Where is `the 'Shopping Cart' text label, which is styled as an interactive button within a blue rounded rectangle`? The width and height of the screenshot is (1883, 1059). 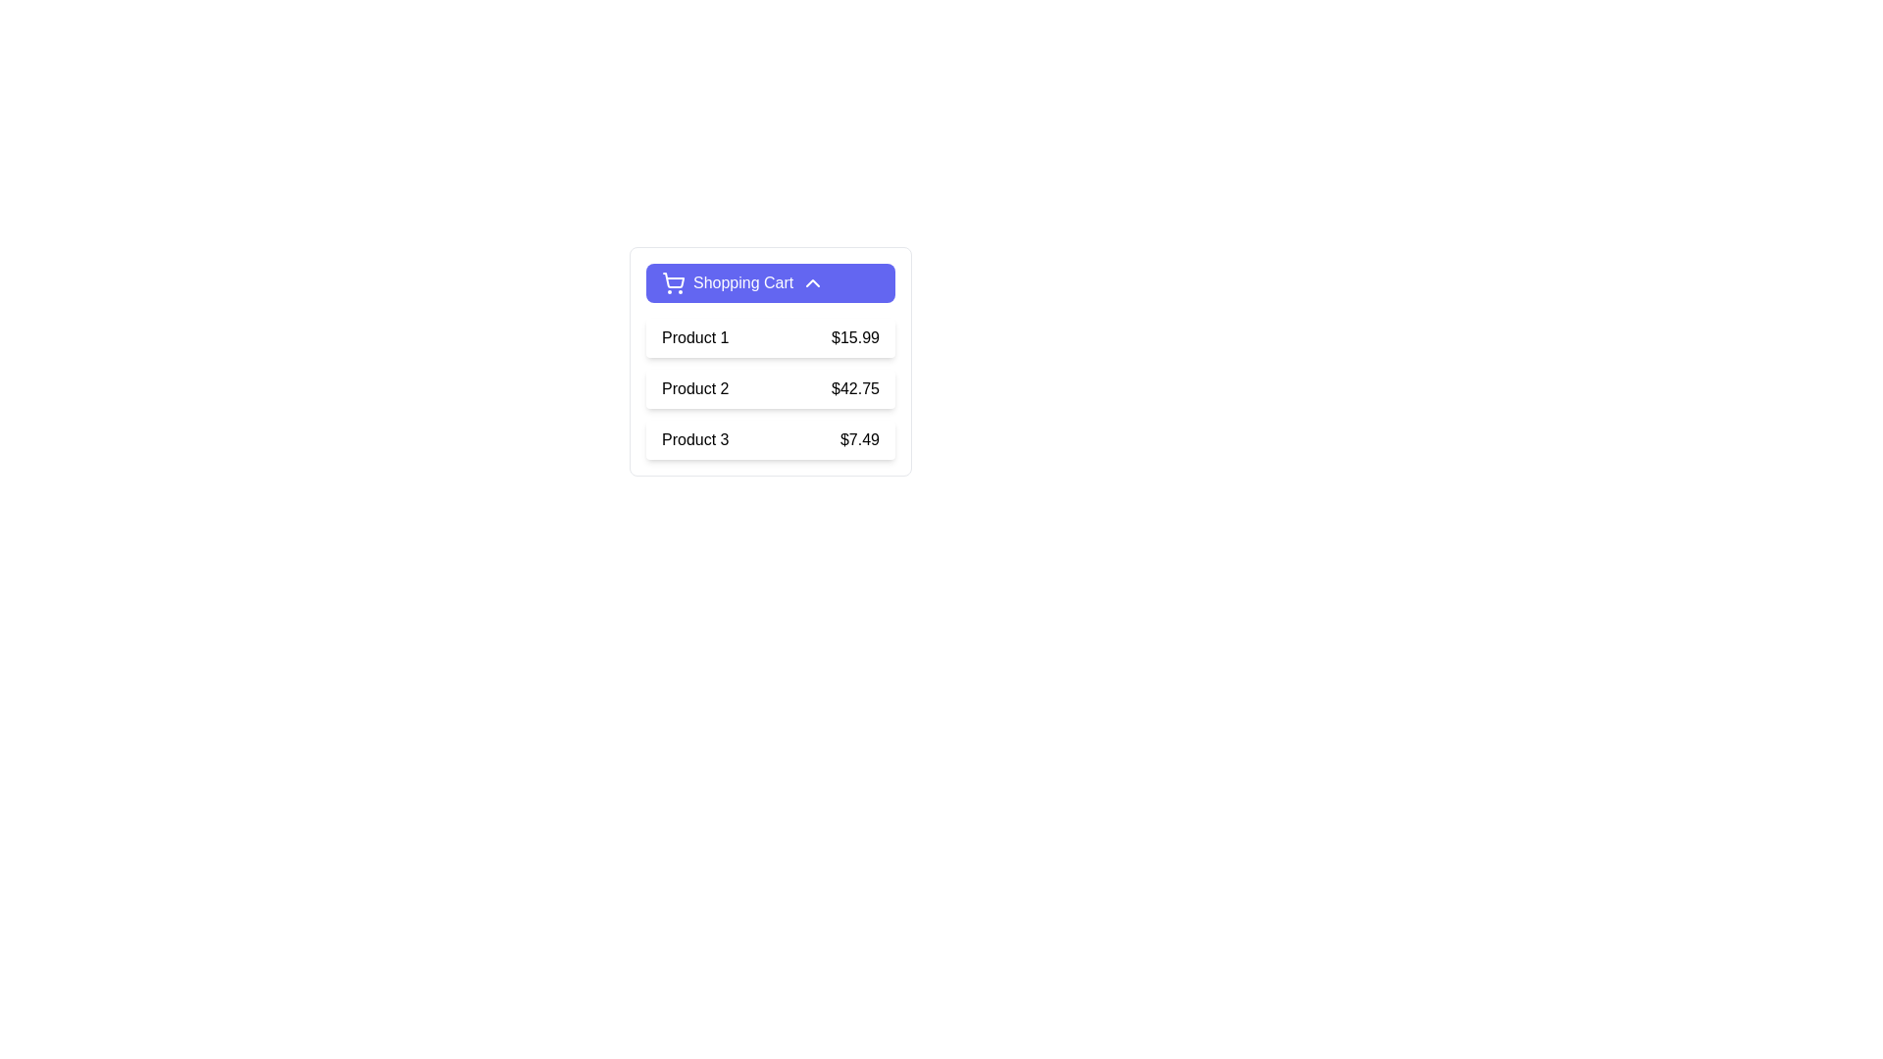
the 'Shopping Cart' text label, which is styled as an interactive button within a blue rounded rectangle is located at coordinates (742, 283).